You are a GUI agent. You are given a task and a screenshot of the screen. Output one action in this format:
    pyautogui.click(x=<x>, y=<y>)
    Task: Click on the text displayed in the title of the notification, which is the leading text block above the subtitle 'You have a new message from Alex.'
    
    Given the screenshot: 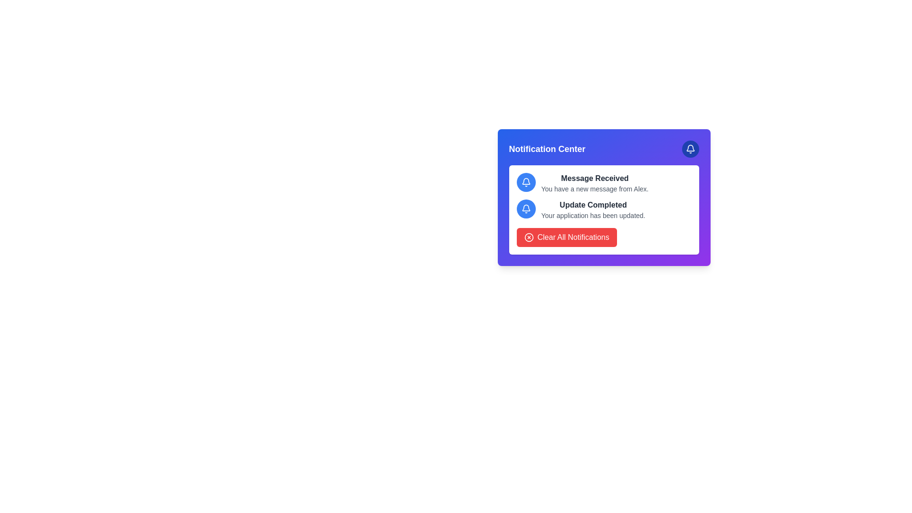 What is the action you would take?
    pyautogui.click(x=594, y=178)
    